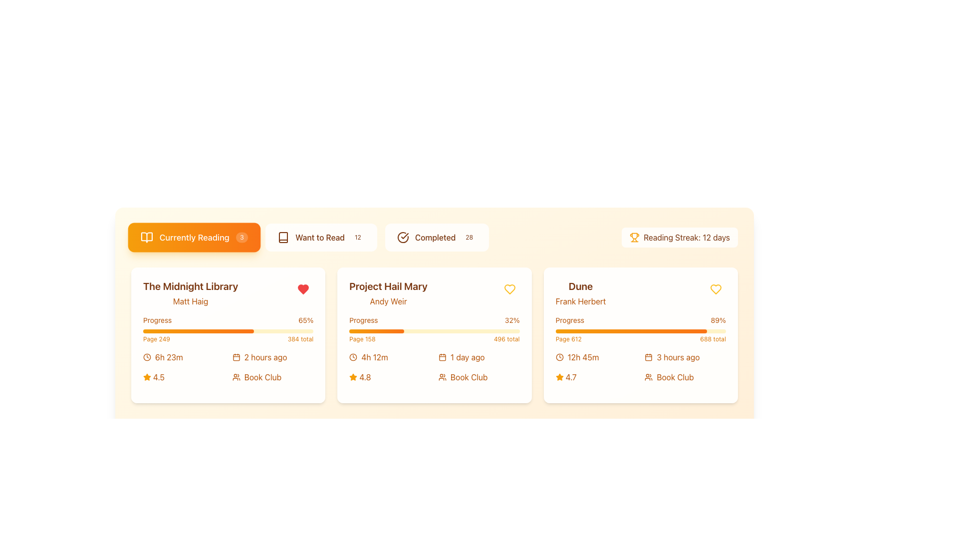 This screenshot has height=539, width=958. Describe the element at coordinates (303, 289) in the screenshot. I see `the heart-shaped graphical icon located at the top-right corner of 'The Midnight Library' card layout to favorite the content` at that location.